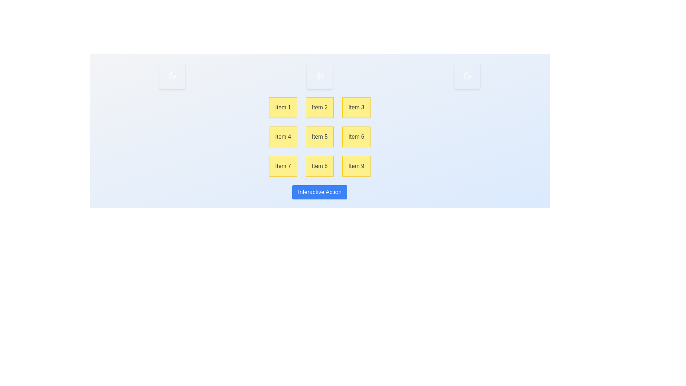  What do you see at coordinates (356, 107) in the screenshot?
I see `the static text label displaying 'Item 3', located in the first row and last column of the item grid` at bounding box center [356, 107].